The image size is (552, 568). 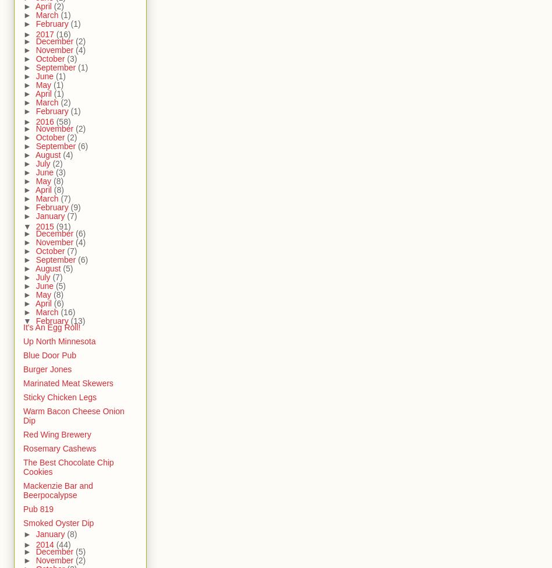 I want to click on '2014', so click(x=45, y=544).